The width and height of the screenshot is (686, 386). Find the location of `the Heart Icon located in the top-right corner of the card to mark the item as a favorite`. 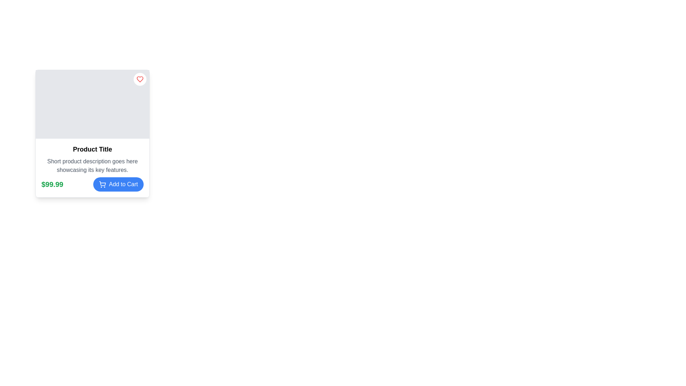

the Heart Icon located in the top-right corner of the card to mark the item as a favorite is located at coordinates (140, 79).